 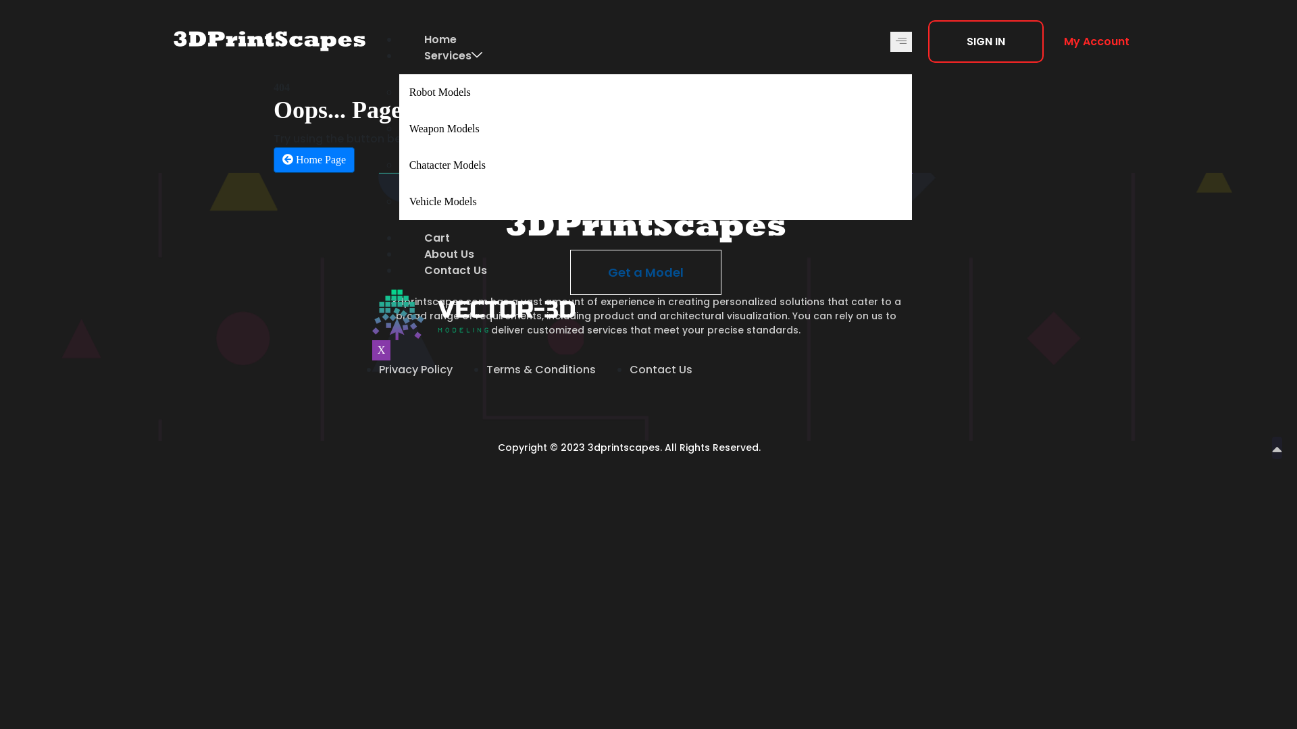 I want to click on 'Services', so click(x=398, y=55).